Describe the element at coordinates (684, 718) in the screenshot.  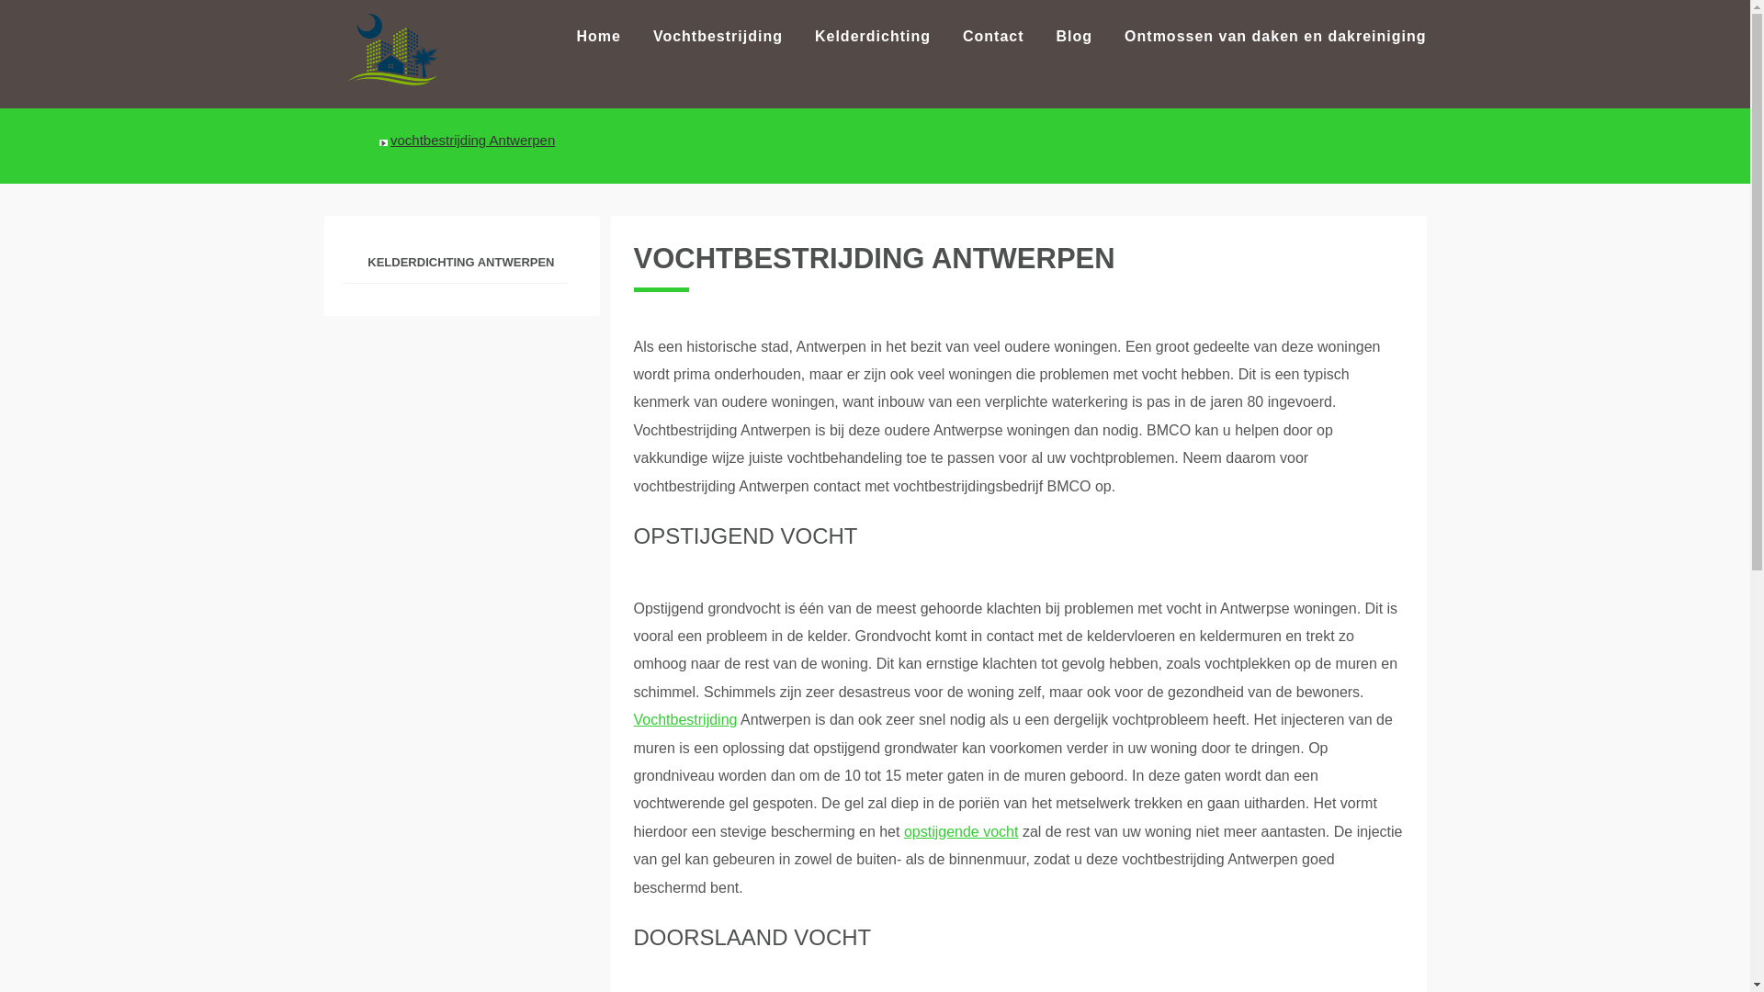
I see `'Vochtbestrijding'` at that location.